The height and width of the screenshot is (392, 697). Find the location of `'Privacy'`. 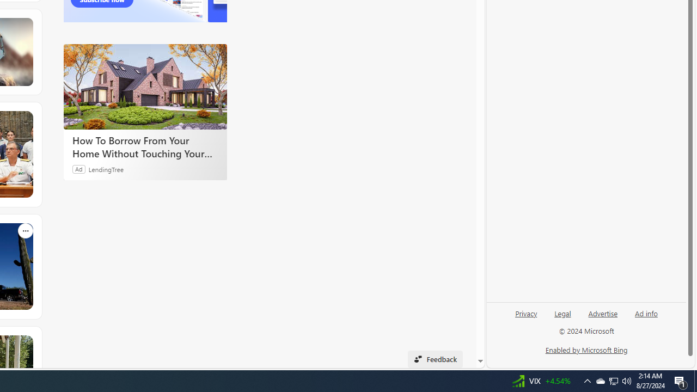

'Privacy' is located at coordinates (526, 313).